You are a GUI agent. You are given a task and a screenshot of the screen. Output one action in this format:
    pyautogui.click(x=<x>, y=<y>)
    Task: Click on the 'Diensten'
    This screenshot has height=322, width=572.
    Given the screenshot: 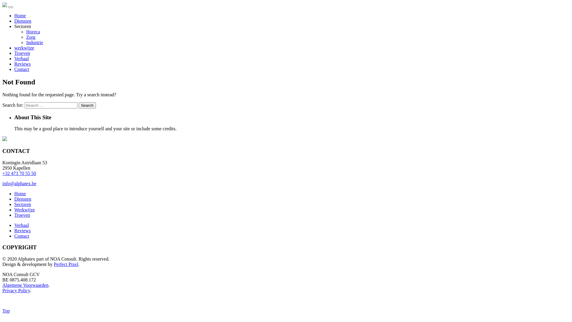 What is the action you would take?
    pyautogui.click(x=14, y=21)
    